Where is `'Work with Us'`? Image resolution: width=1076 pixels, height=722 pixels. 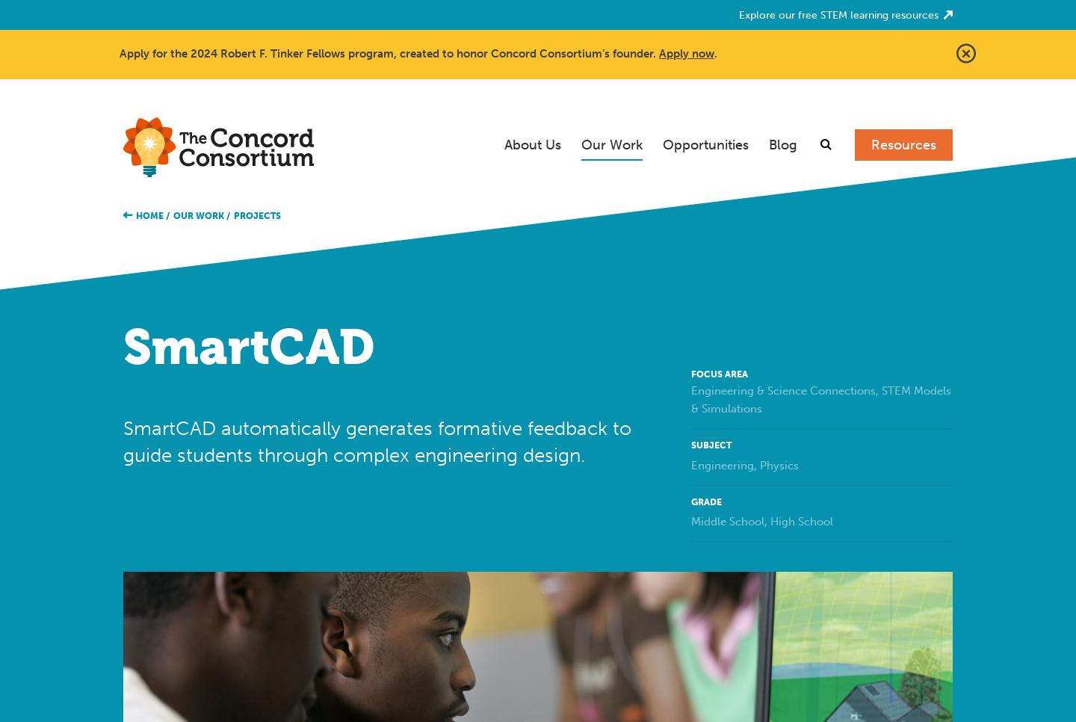 'Work with Us' is located at coordinates (712, 254).